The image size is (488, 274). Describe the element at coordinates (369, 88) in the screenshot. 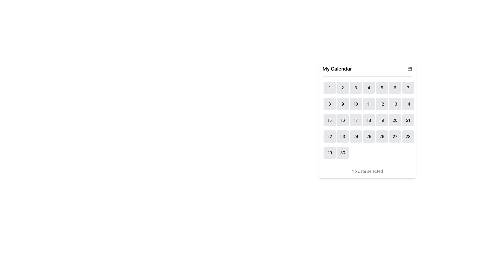

I see `the button labeled '4' in the calendar component` at that location.